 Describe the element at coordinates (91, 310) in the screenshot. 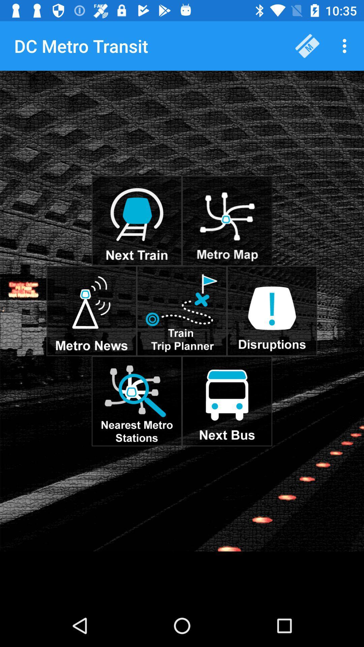

I see `metro news` at that location.